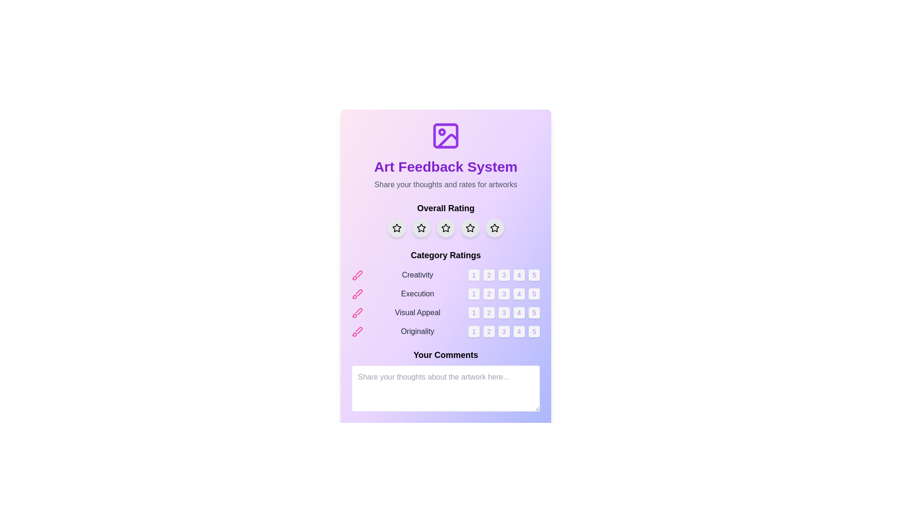  What do you see at coordinates (445, 228) in the screenshot?
I see `the third button in the 5-star rating system under the 'Overall Rating' section` at bounding box center [445, 228].